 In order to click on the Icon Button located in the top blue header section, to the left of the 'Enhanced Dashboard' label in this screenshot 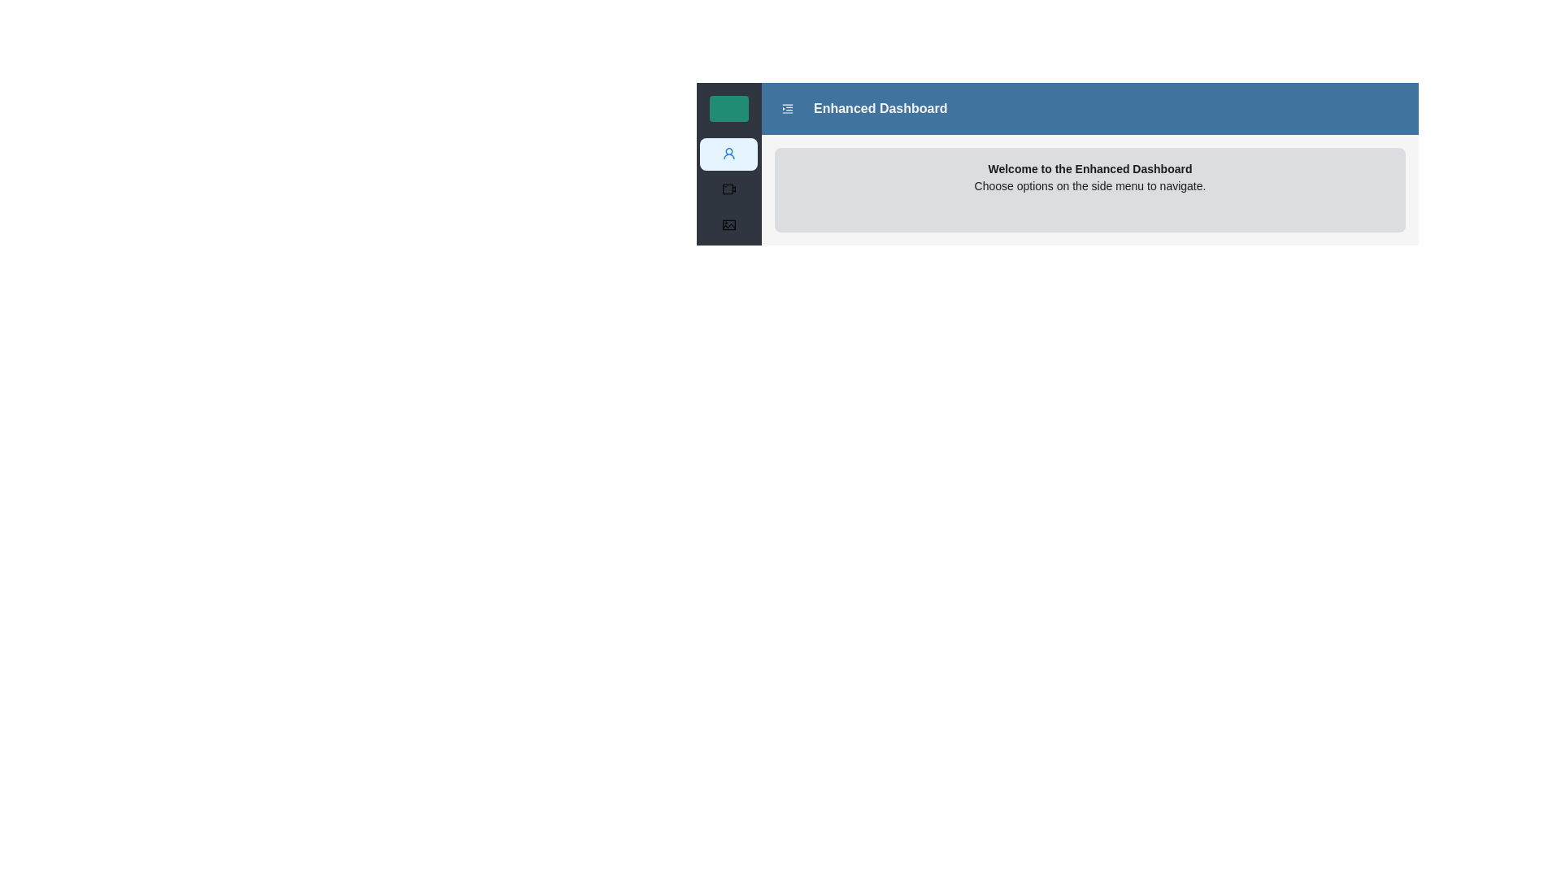, I will do `click(788, 109)`.